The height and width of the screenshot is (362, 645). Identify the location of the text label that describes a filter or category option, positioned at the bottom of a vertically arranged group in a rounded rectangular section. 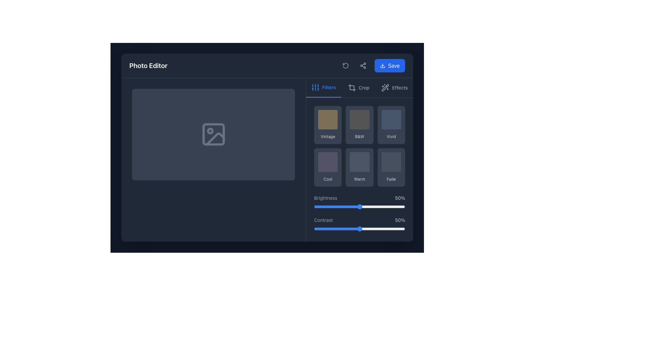
(391, 136).